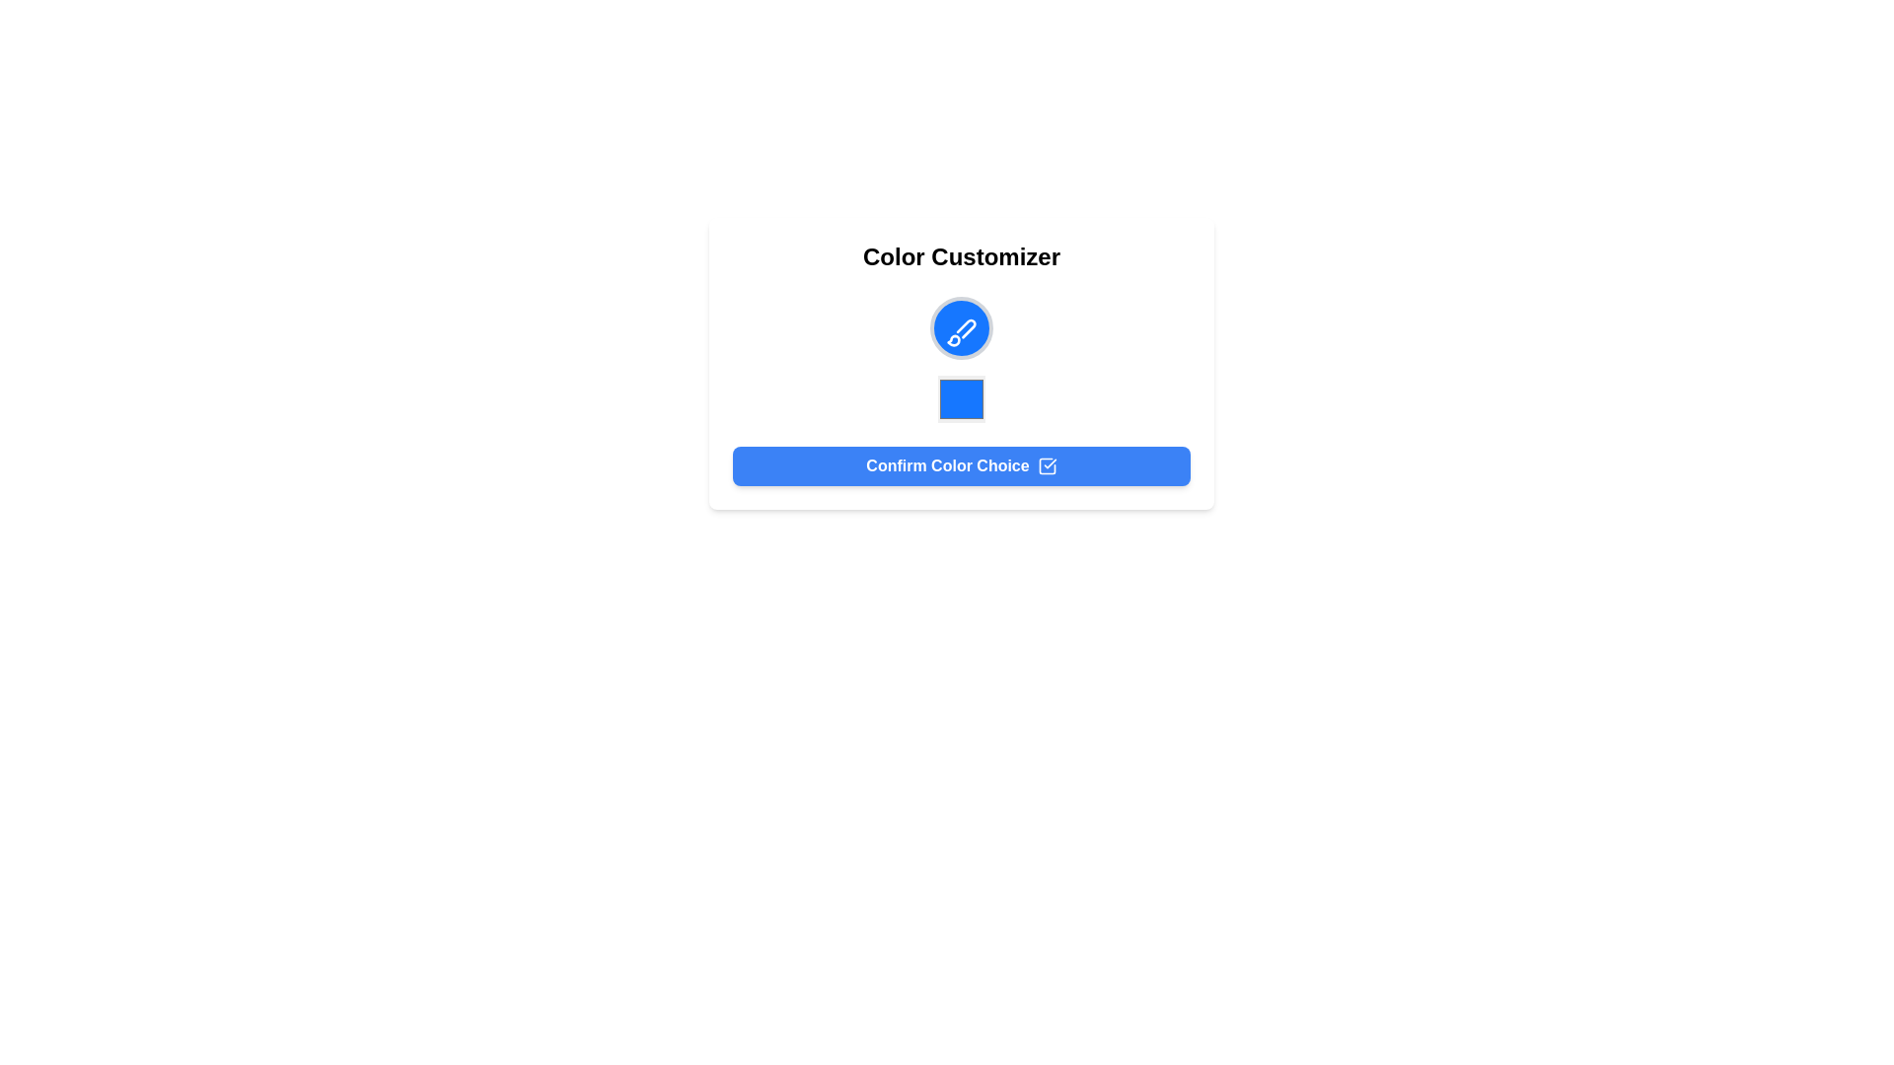  What do you see at coordinates (961, 326) in the screenshot?
I see `the decorative color-related icon positioned at the top center of the vertical list, above the square color preview and button` at bounding box center [961, 326].